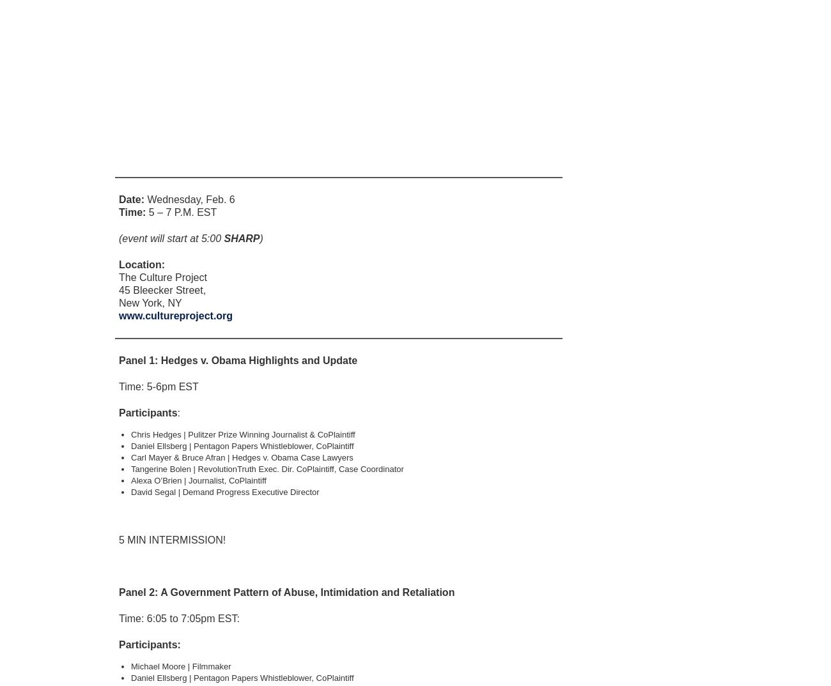  What do you see at coordinates (147, 412) in the screenshot?
I see `'Participants'` at bounding box center [147, 412].